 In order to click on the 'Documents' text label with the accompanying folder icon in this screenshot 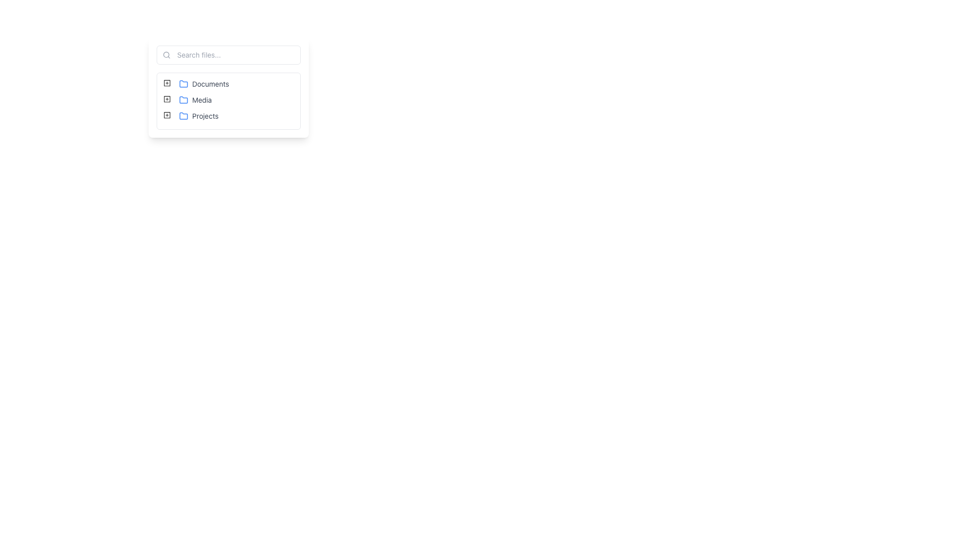, I will do `click(203, 84)`.